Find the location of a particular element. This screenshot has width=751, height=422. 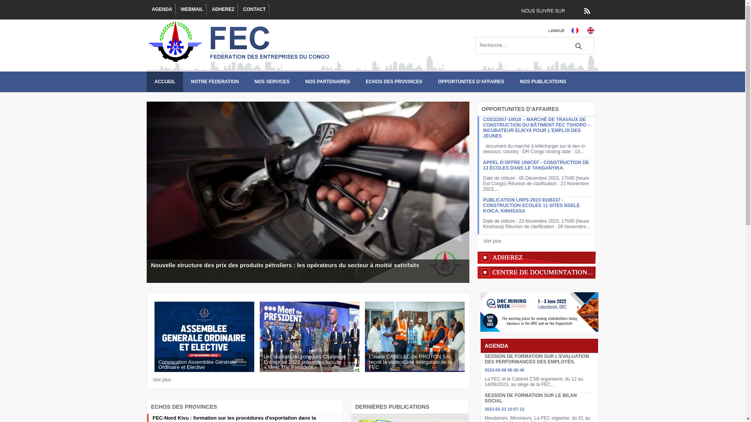

'AGENDA' is located at coordinates (161, 11).